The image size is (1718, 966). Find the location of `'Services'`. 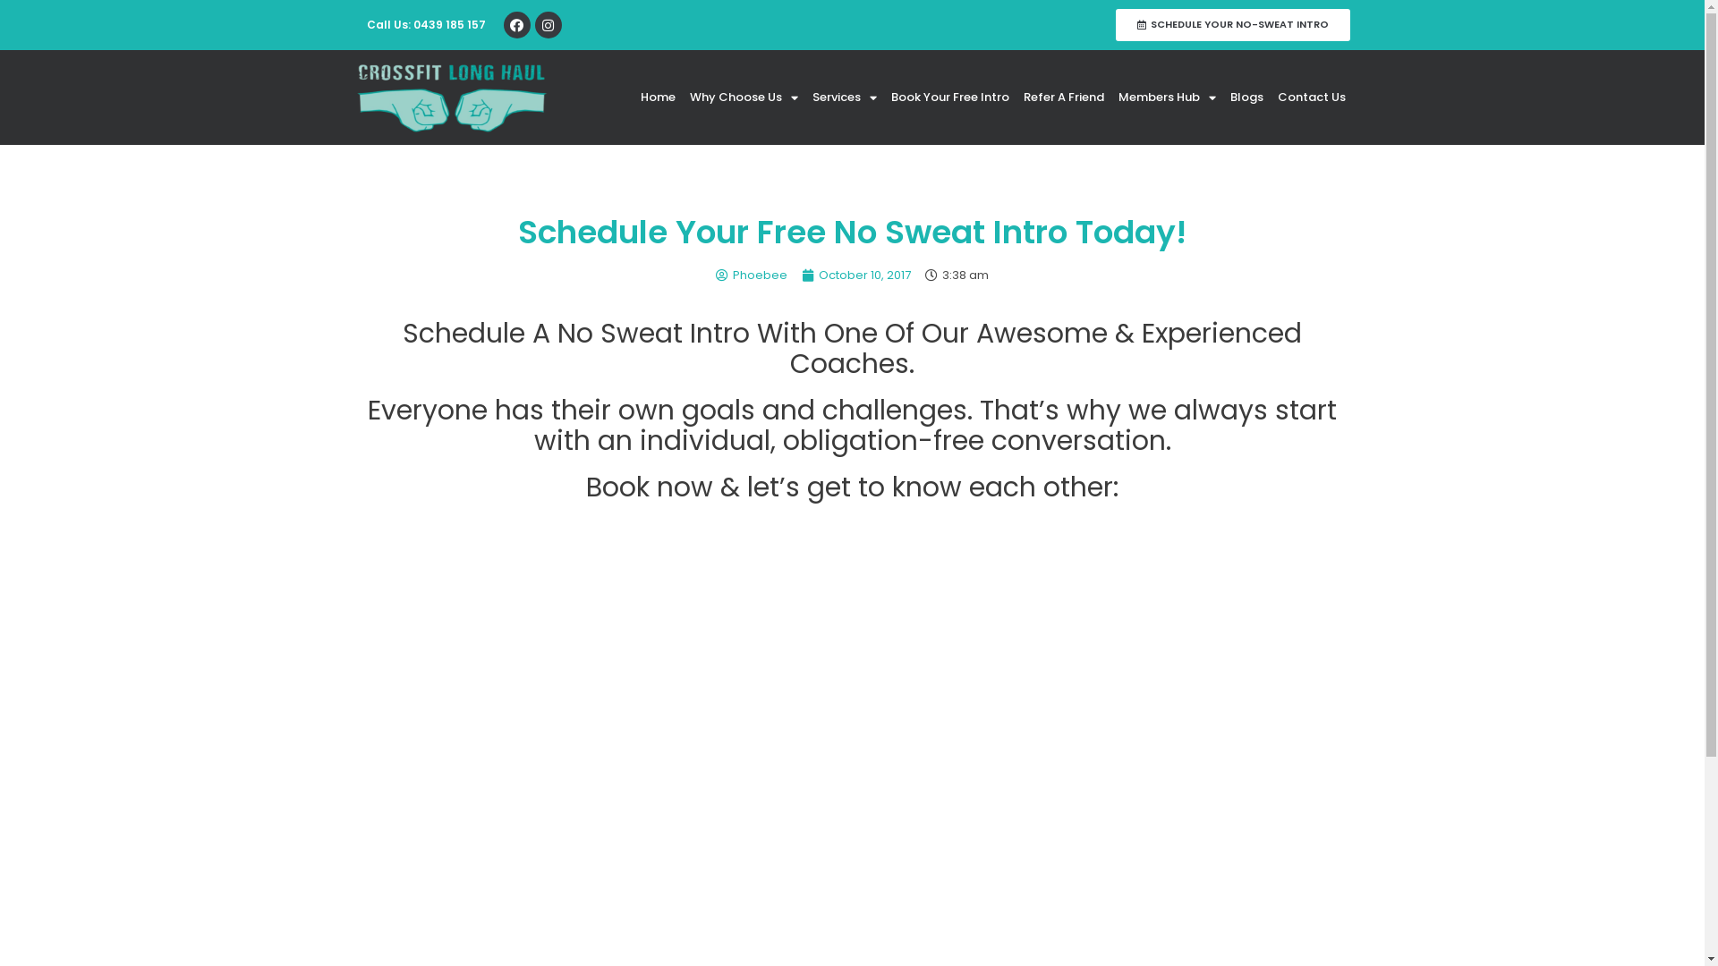

'Services' is located at coordinates (844, 97).